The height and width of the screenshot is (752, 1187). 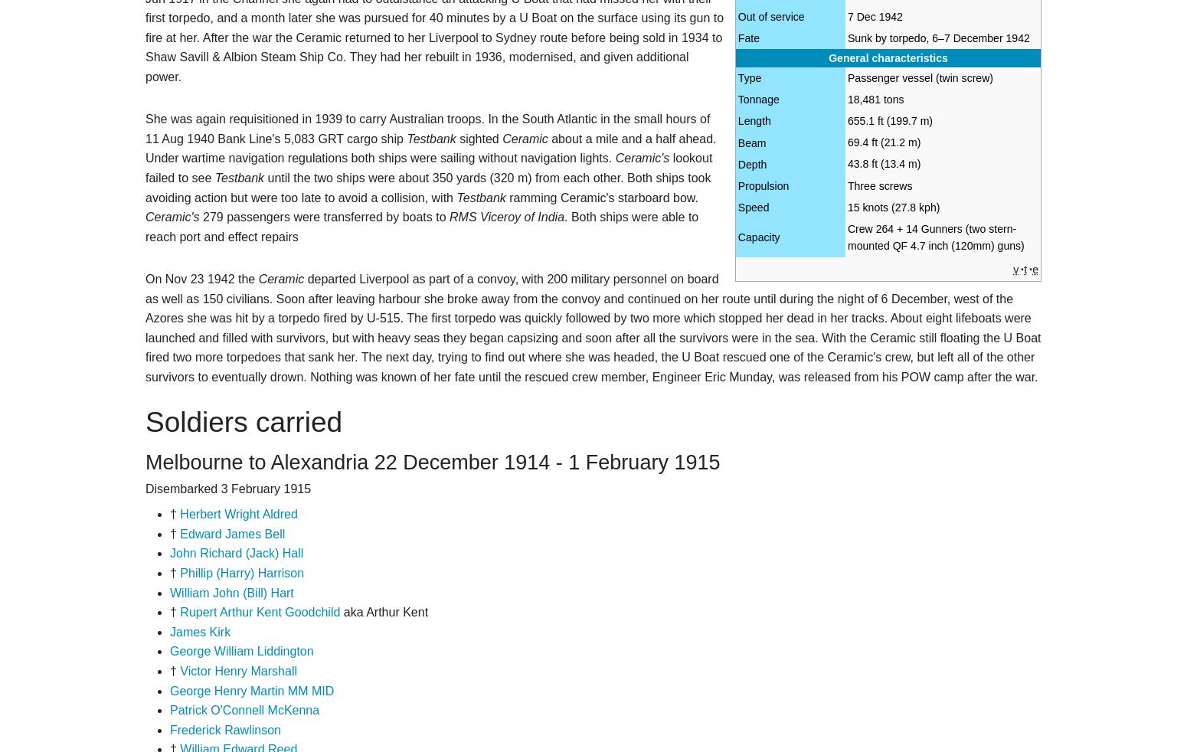 I want to click on 'Three screws', so click(x=845, y=184).